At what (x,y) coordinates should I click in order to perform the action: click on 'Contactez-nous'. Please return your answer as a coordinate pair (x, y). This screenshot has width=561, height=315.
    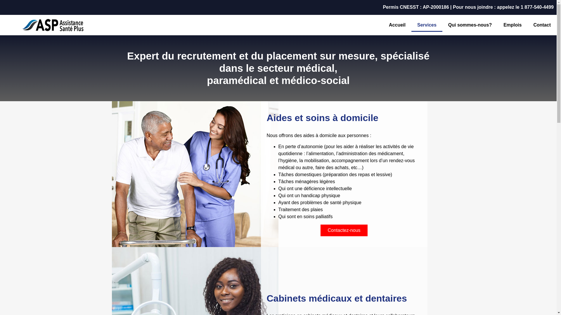
    Looking at the image, I should click on (344, 230).